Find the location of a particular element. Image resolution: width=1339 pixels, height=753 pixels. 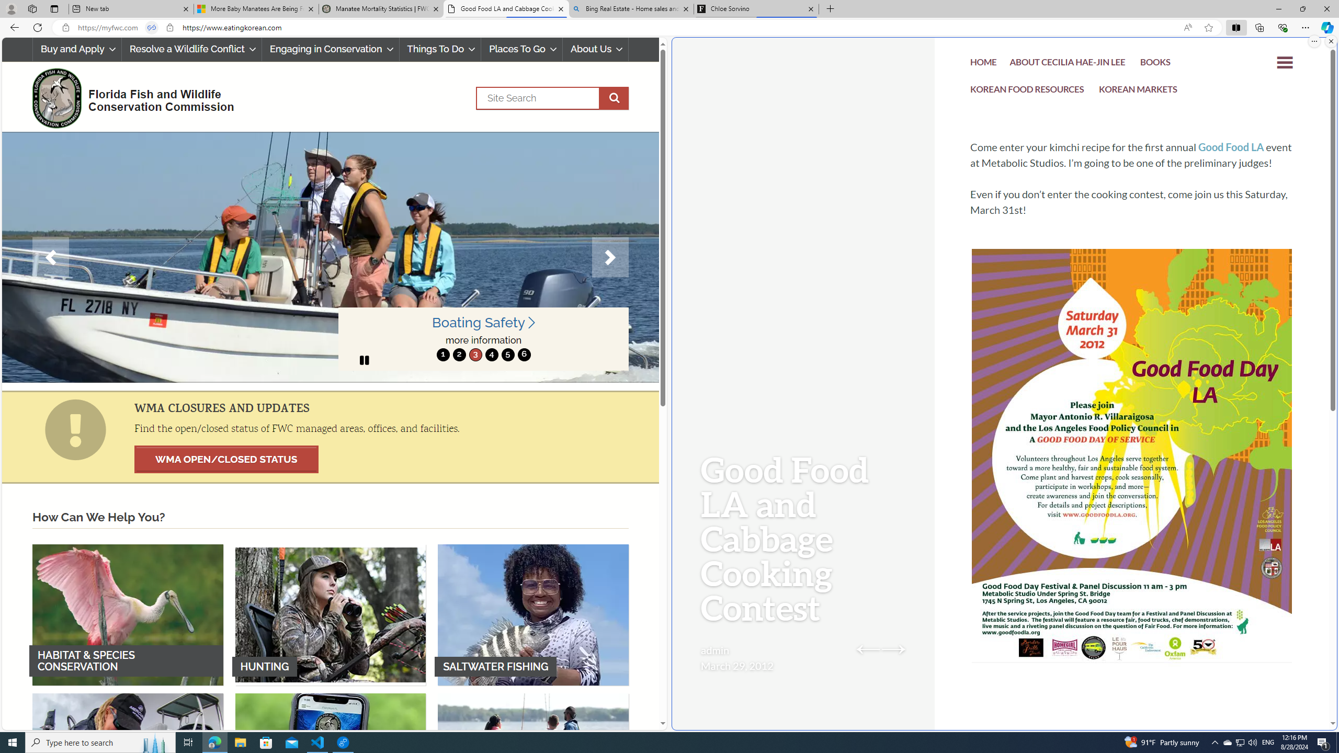

'BOOKS' is located at coordinates (1155, 64).